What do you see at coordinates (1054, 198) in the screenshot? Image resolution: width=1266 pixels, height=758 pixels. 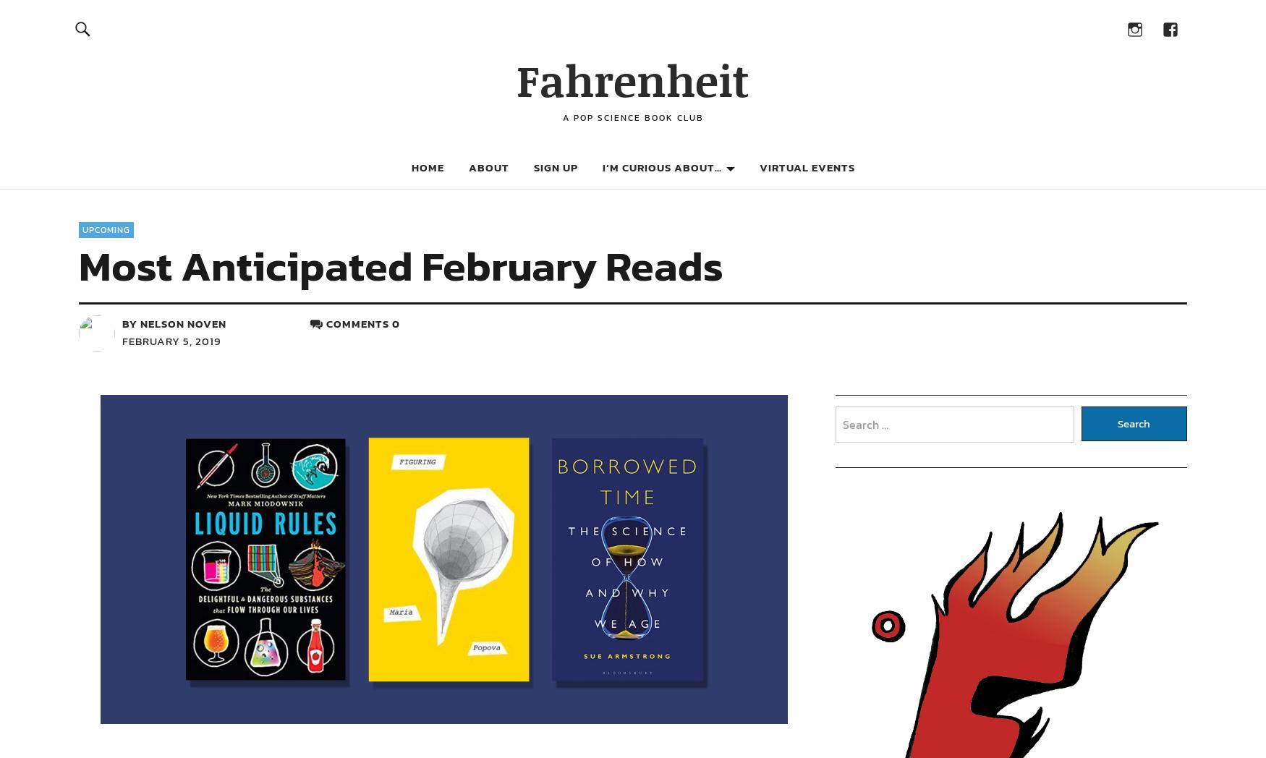 I see `'Undark – Books'` at bounding box center [1054, 198].